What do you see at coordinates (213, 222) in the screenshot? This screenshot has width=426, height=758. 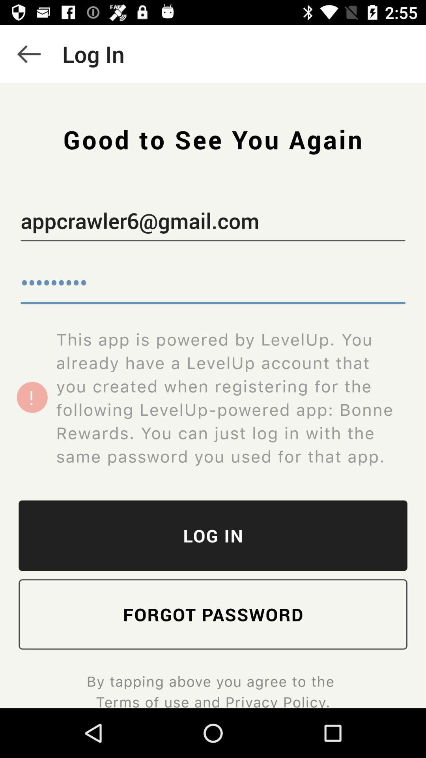 I see `the icon above the crowd3116 icon` at bounding box center [213, 222].